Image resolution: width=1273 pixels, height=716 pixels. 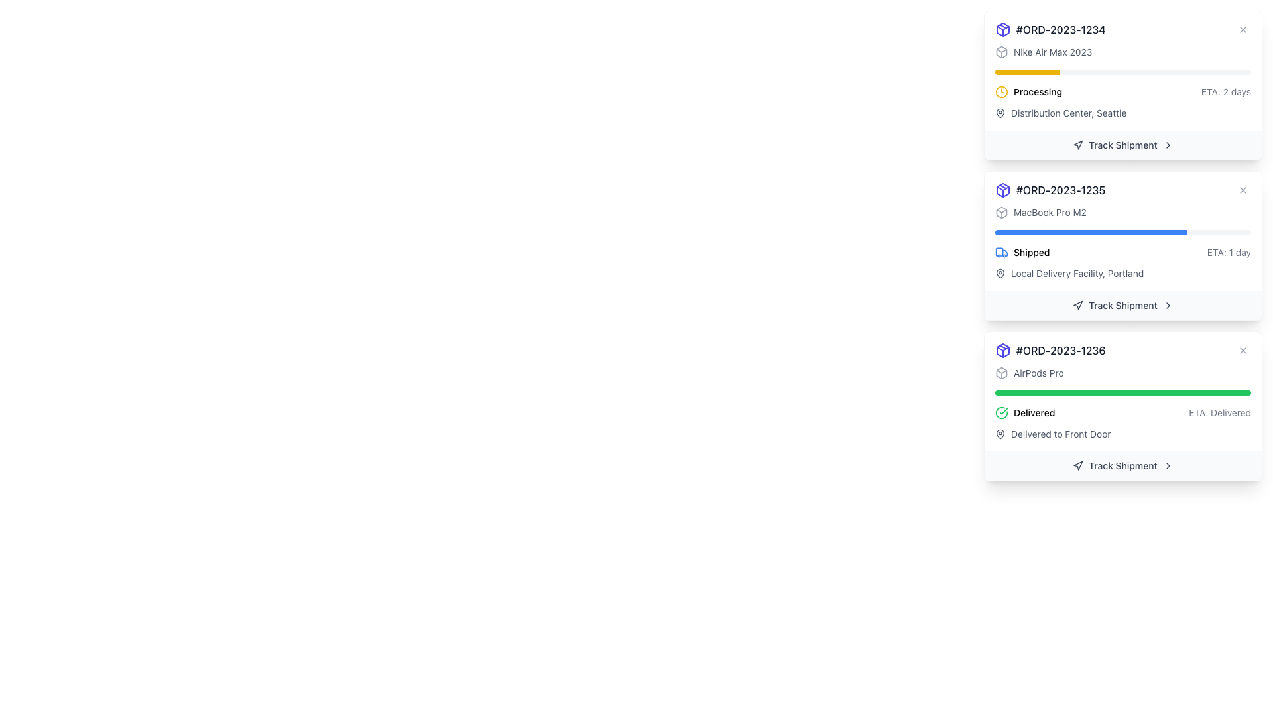 What do you see at coordinates (1091, 232) in the screenshot?
I see `the progress bar that visually represents the shipment status, located below 'MacBook Pro M2' and above the shipment details` at bounding box center [1091, 232].